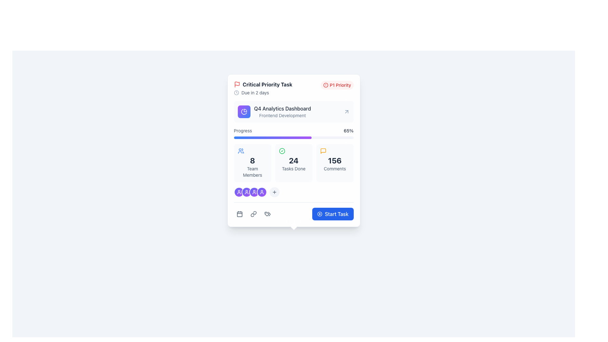 The height and width of the screenshot is (342, 608). I want to click on the fifth icon in a horizontal list of team member icons located near the bottom of a card-like layout, so click(262, 192).